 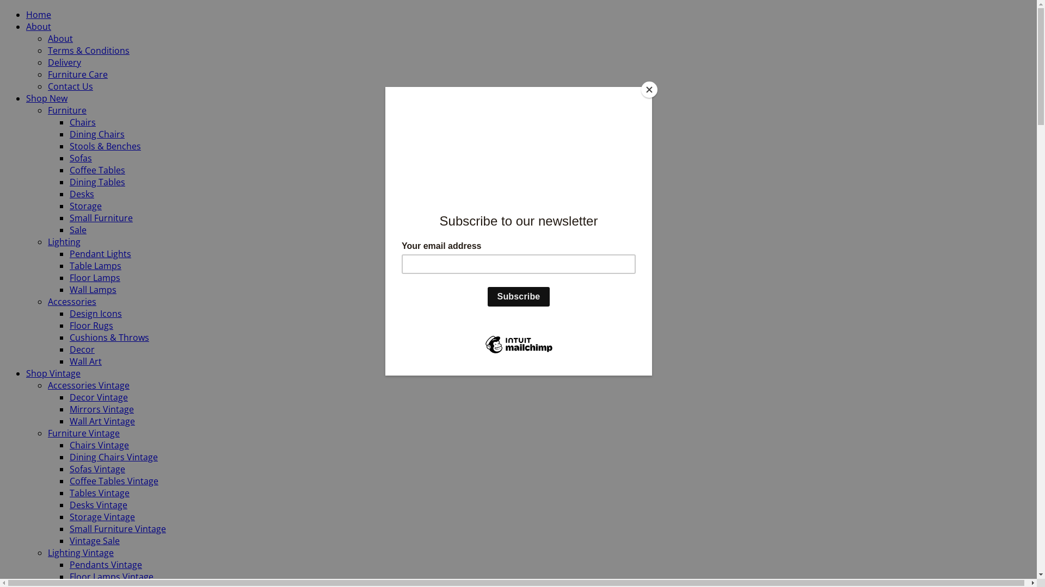 What do you see at coordinates (69, 469) in the screenshot?
I see `'Sofas Vintage'` at bounding box center [69, 469].